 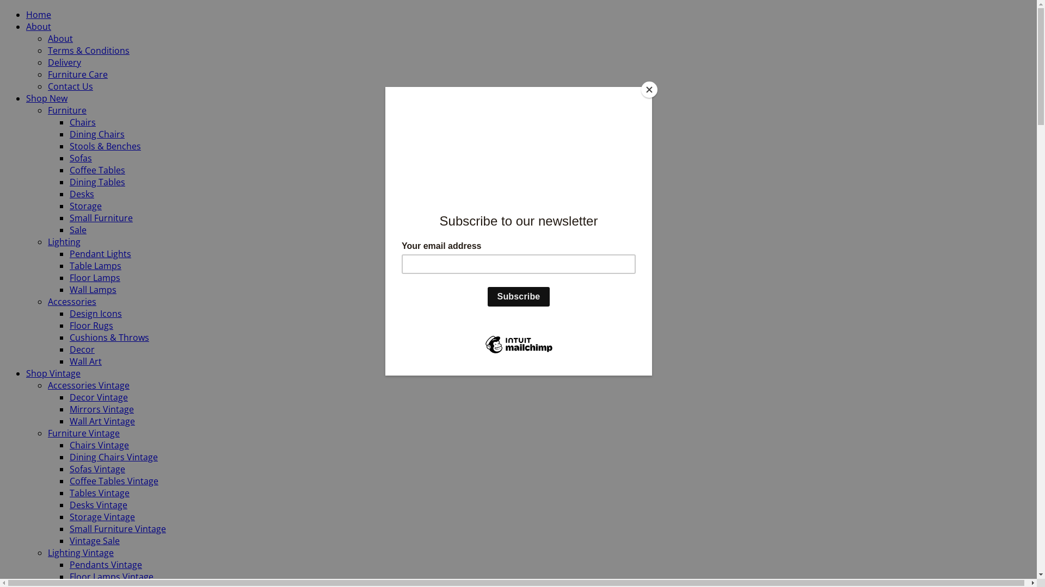 What do you see at coordinates (69, 469) in the screenshot?
I see `'Sofas Vintage'` at bounding box center [69, 469].